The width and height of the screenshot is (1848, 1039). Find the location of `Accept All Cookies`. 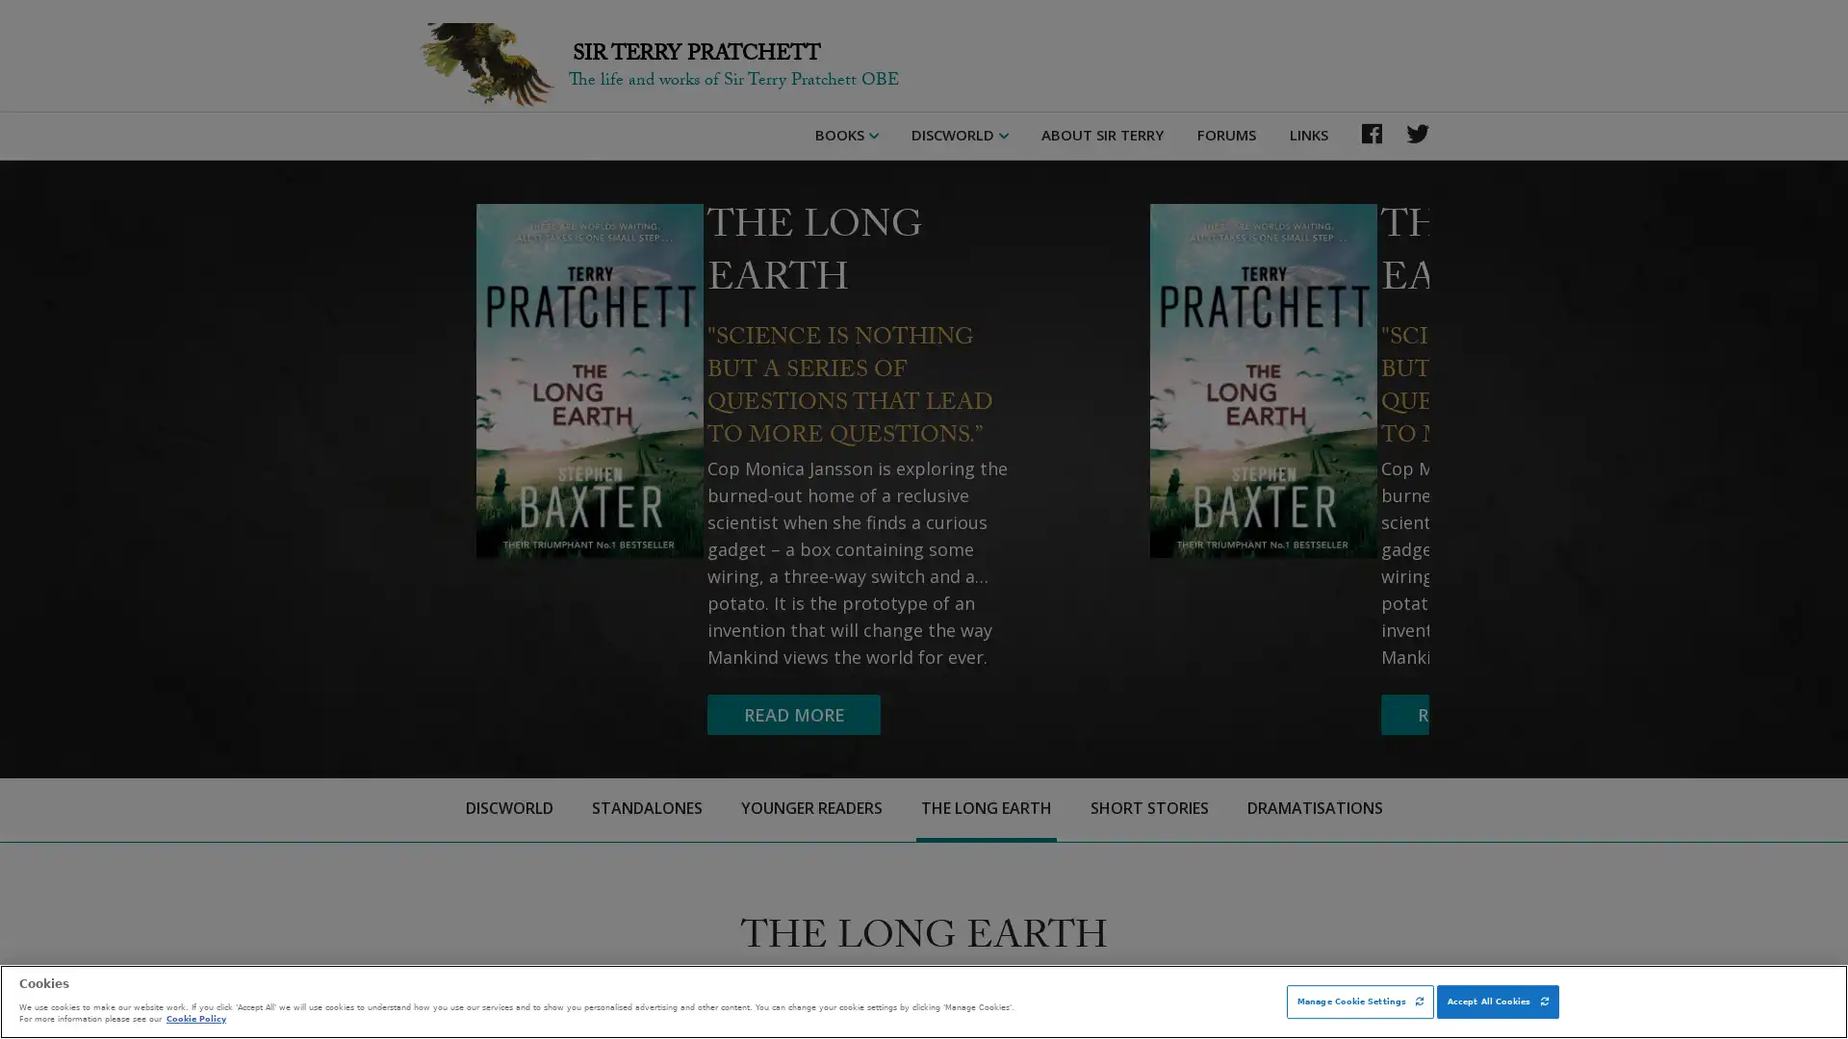

Accept All Cookies is located at coordinates (1496, 1001).